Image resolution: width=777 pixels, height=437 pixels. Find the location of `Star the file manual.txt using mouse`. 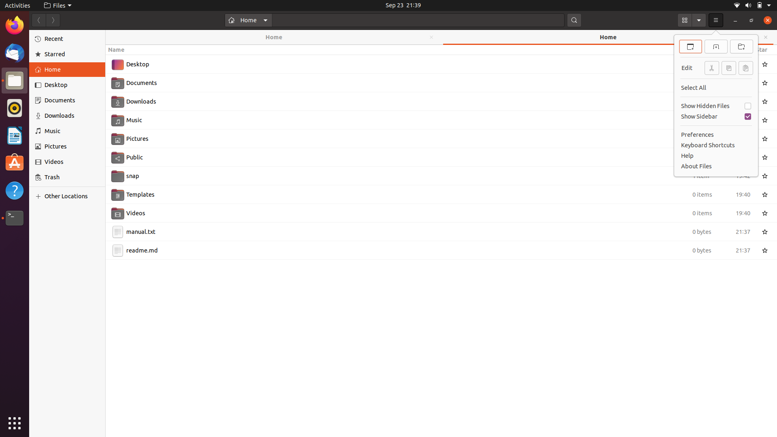

Star the file manual.txt using mouse is located at coordinates (765, 231).